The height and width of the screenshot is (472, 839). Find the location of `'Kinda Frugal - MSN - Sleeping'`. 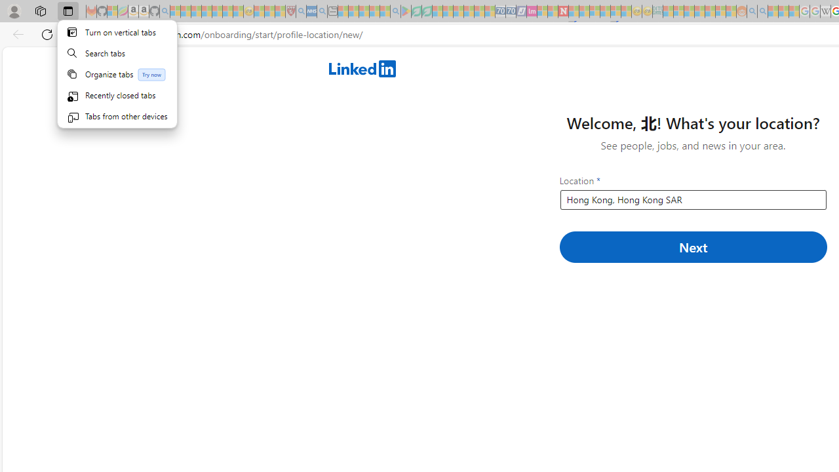

'Kinda Frugal - MSN - Sleeping' is located at coordinates (709, 11).